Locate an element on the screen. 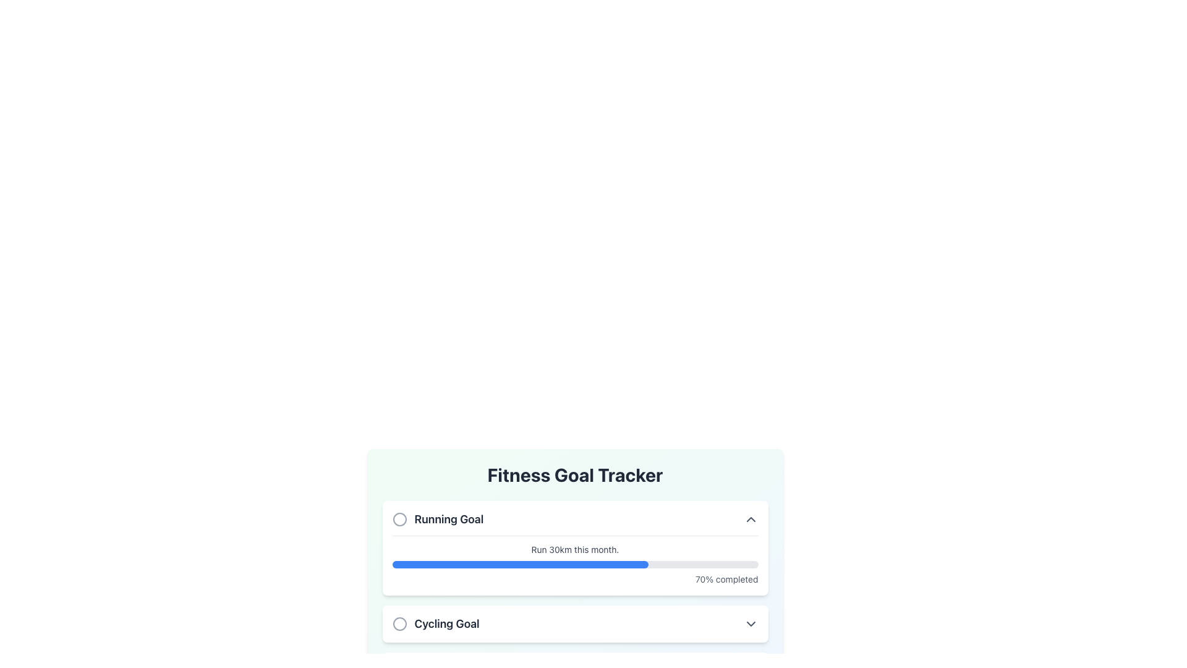  the circular icon located at the top-left corner of the 'Running Goal' card, which is styled with a gray stroke and indicates the goal's category is located at coordinates (399, 520).